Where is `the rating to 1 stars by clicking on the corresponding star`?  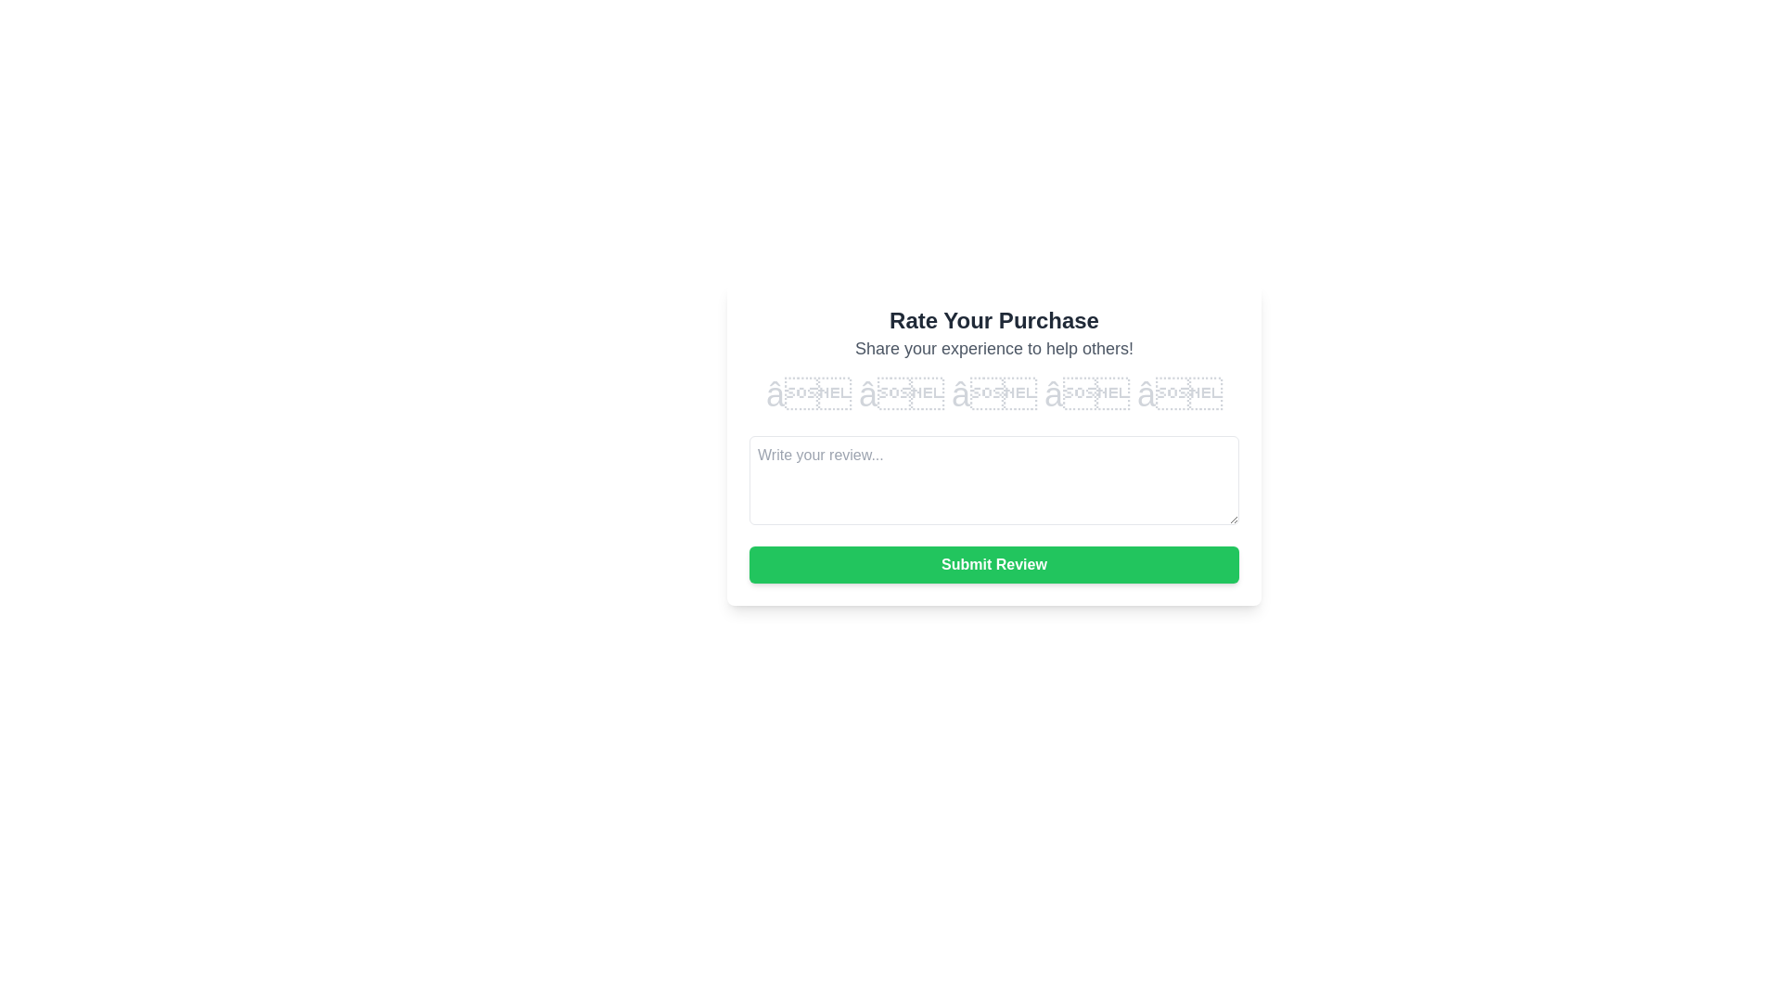
the rating to 1 stars by clicking on the corresponding star is located at coordinates (808, 393).